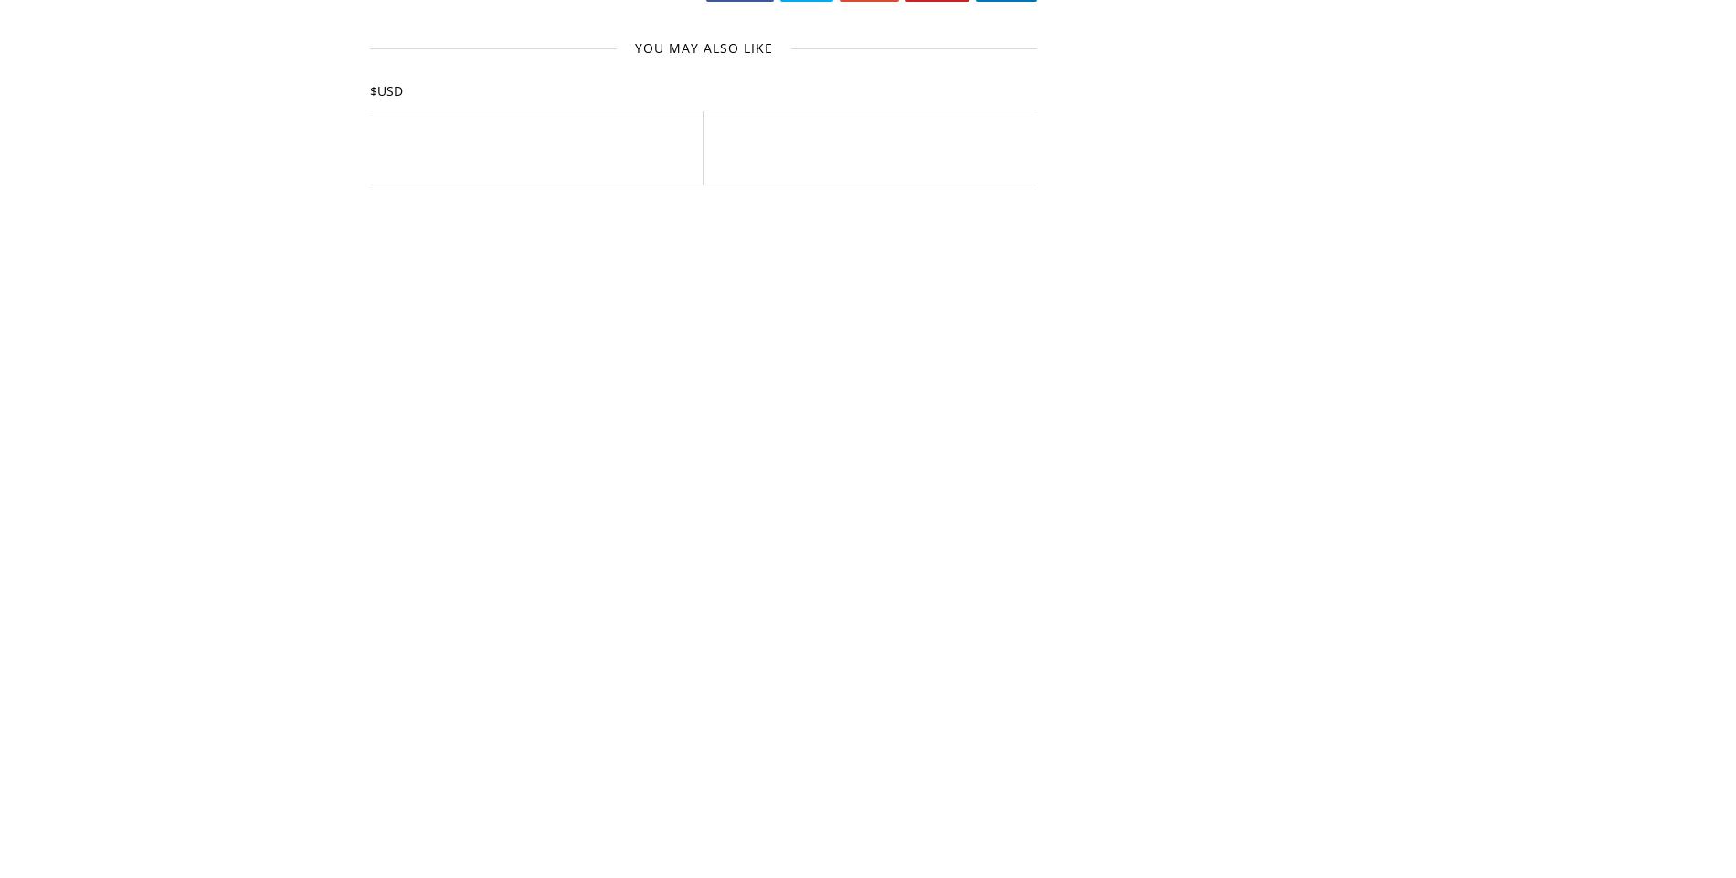 This screenshot has width=1736, height=878. Describe the element at coordinates (1133, 748) in the screenshot. I see `'April 2017'` at that location.